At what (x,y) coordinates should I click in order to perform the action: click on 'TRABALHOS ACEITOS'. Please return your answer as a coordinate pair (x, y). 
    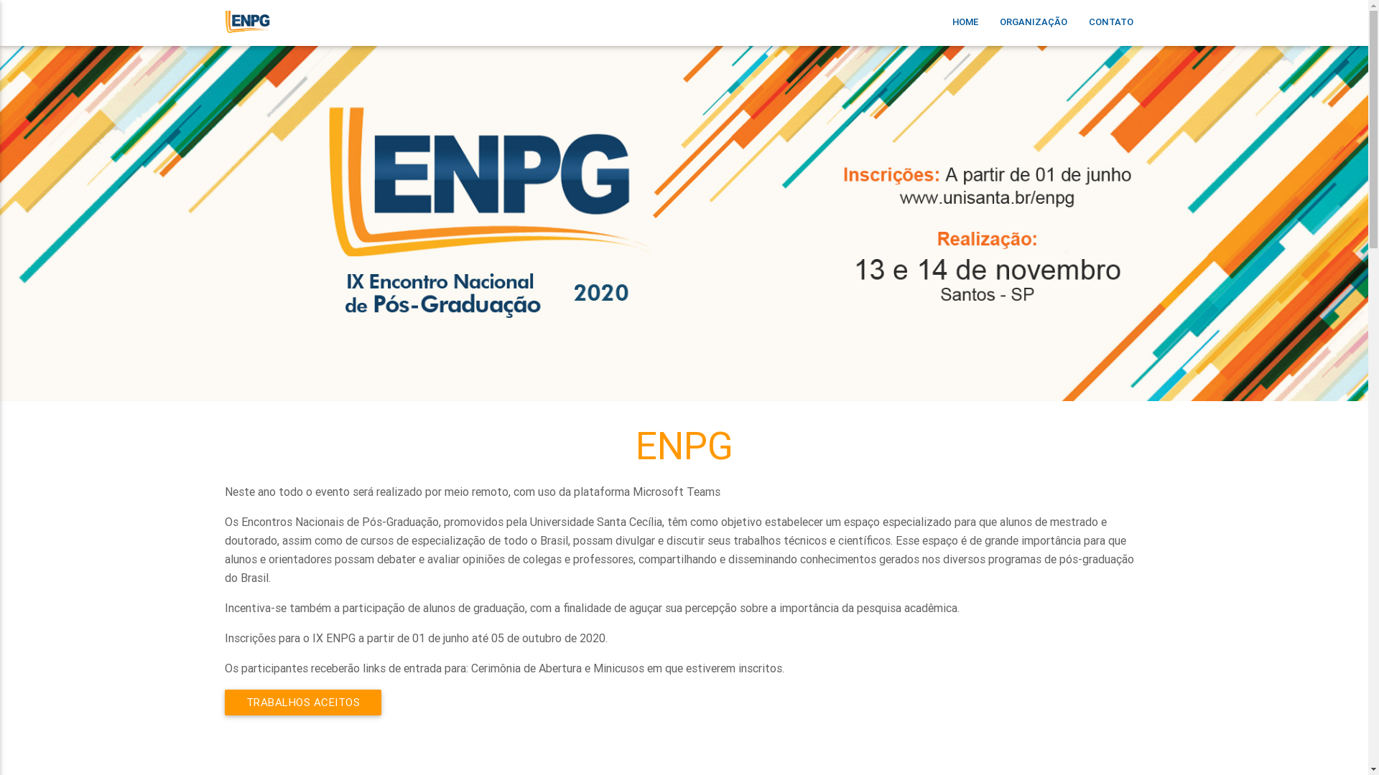
    Looking at the image, I should click on (302, 702).